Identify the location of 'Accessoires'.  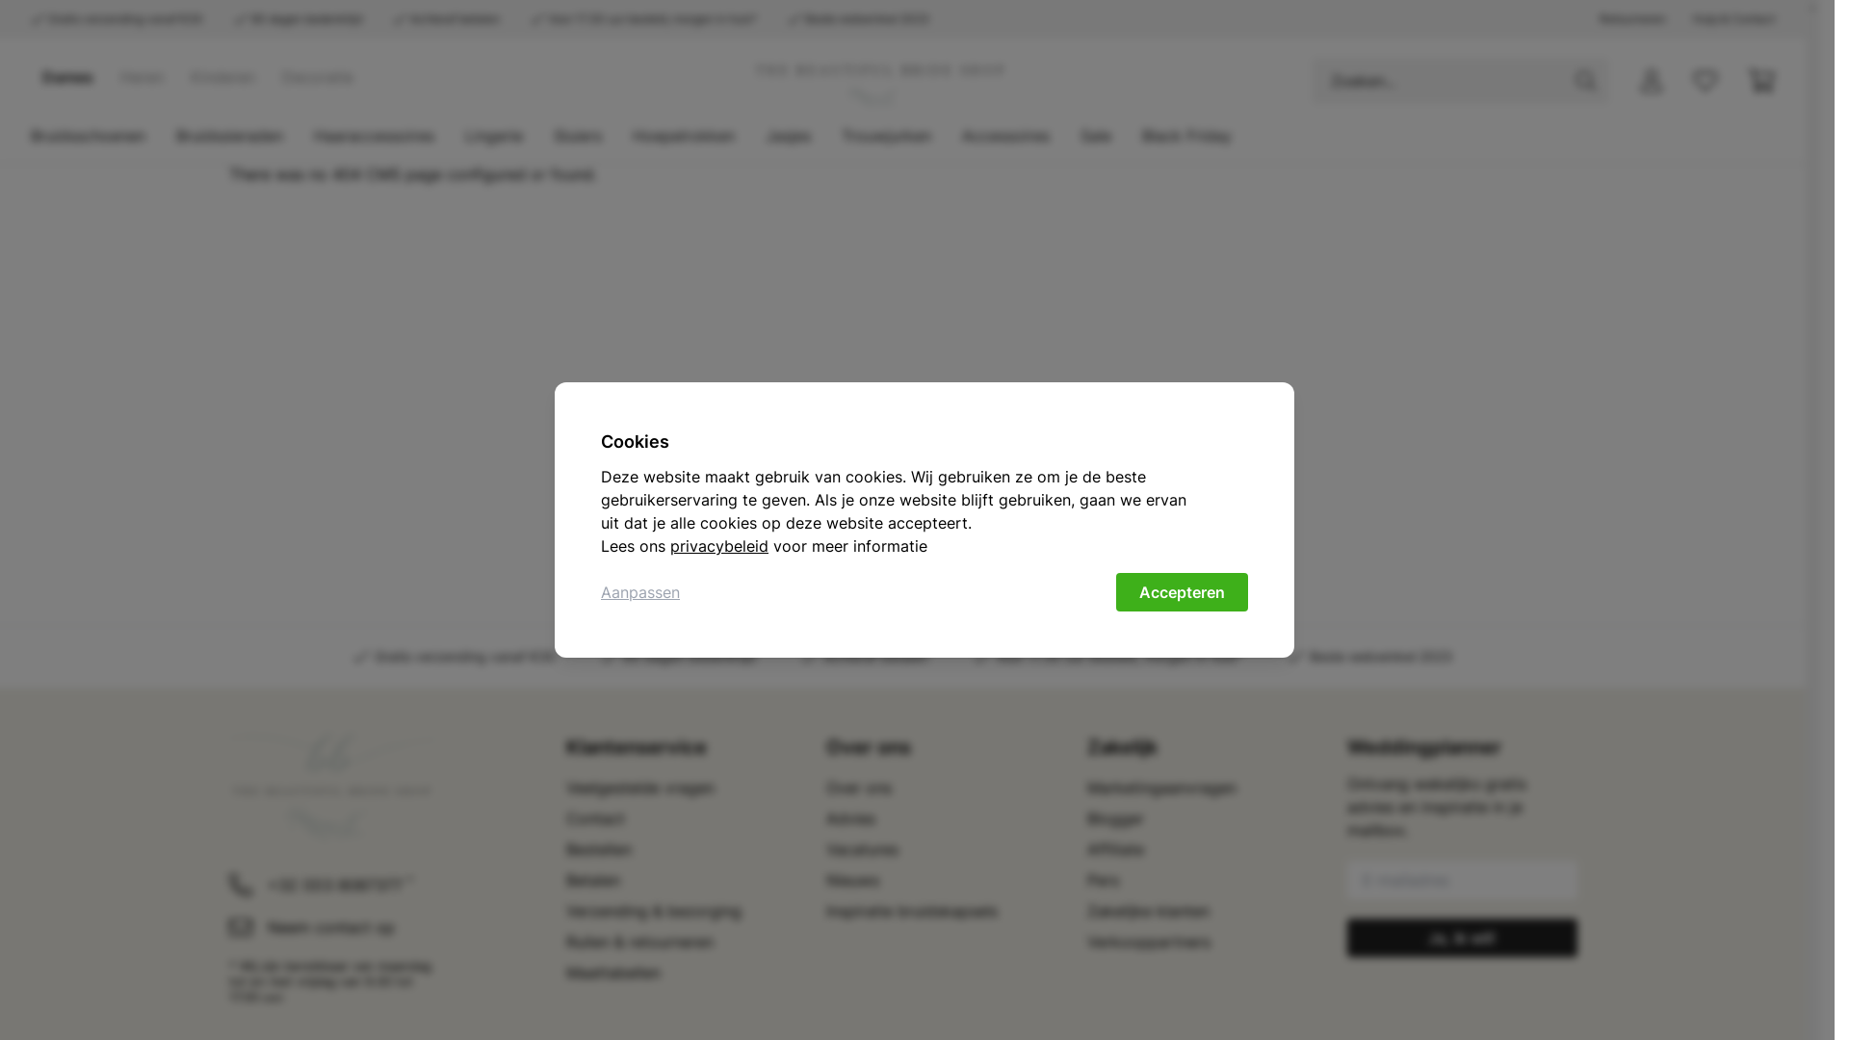
(1004, 135).